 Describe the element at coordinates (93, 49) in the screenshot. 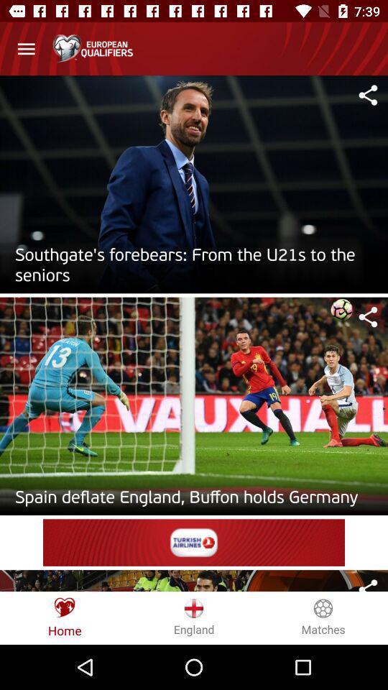

I see `the heading of the page` at that location.